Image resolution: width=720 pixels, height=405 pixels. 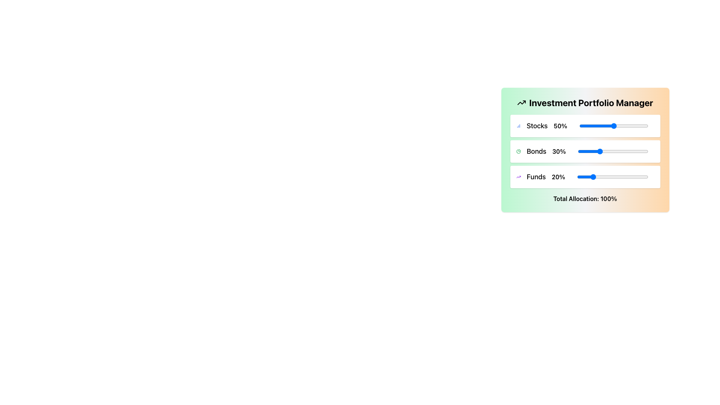 What do you see at coordinates (518, 177) in the screenshot?
I see `the trend or growth icon located to the left of the 'Funds' label in the financial allocation display` at bounding box center [518, 177].